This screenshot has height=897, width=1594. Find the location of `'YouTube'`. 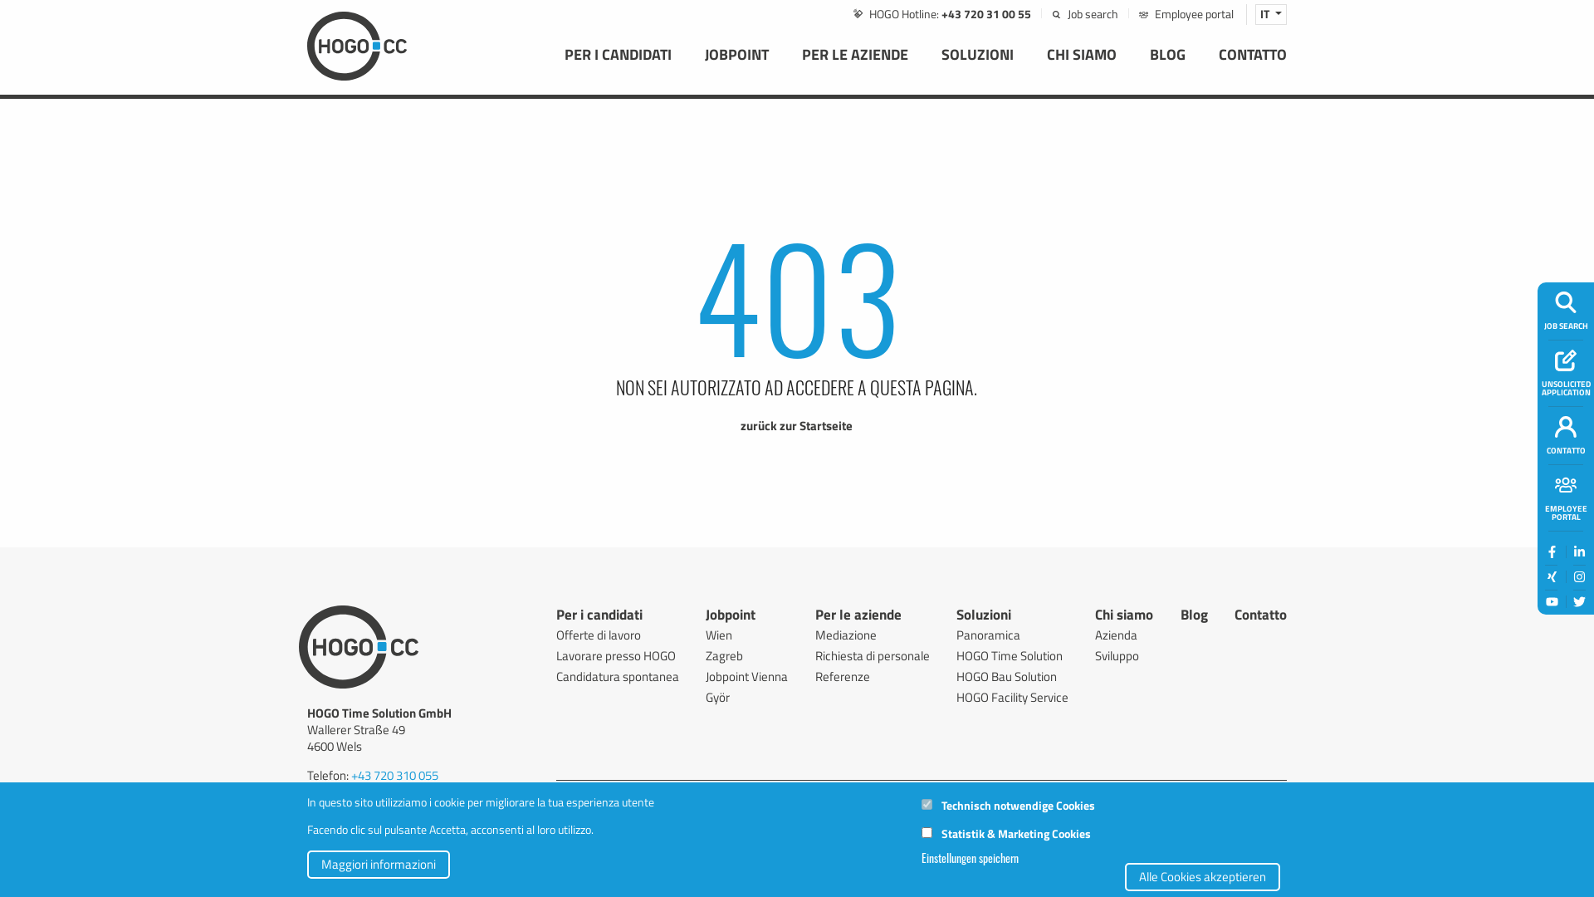

'YouTube' is located at coordinates (1551, 601).